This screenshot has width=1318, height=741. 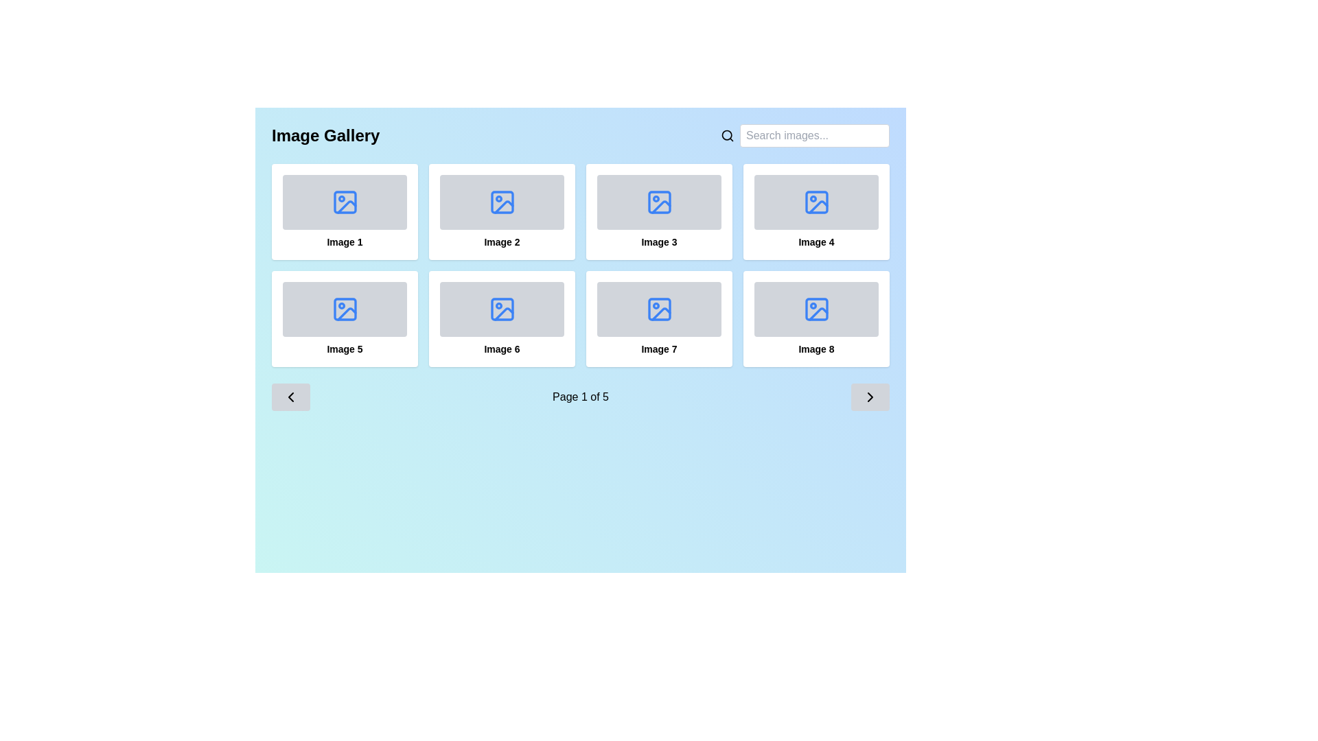 What do you see at coordinates (345, 202) in the screenshot?
I see `the photograph icon with a mountain and circle, styled in bright blue, located` at bounding box center [345, 202].